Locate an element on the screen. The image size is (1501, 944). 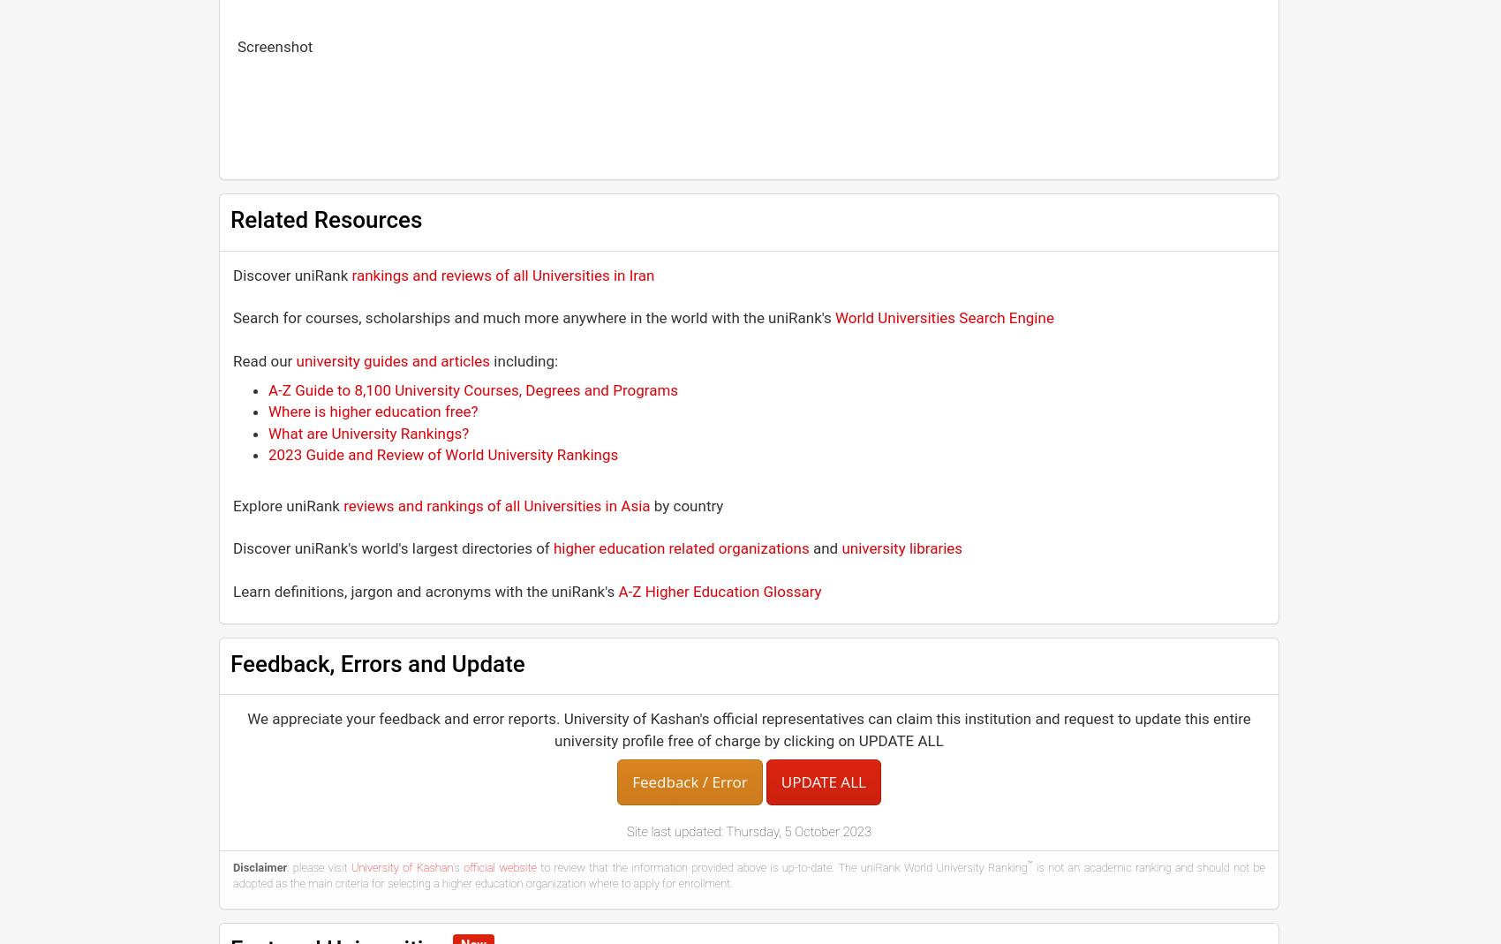
'Discover uniRank's world's largest directories of' is located at coordinates (393, 548).